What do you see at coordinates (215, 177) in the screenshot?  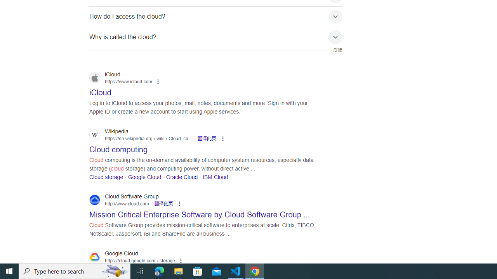 I see `'IBM Cloud'` at bounding box center [215, 177].